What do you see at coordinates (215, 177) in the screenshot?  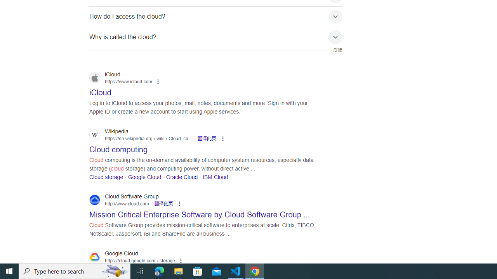 I see `'IBM Cloud'` at bounding box center [215, 177].